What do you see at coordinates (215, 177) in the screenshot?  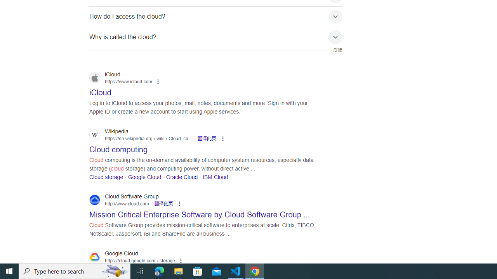 I see `'IBM Cloud'` at bounding box center [215, 177].